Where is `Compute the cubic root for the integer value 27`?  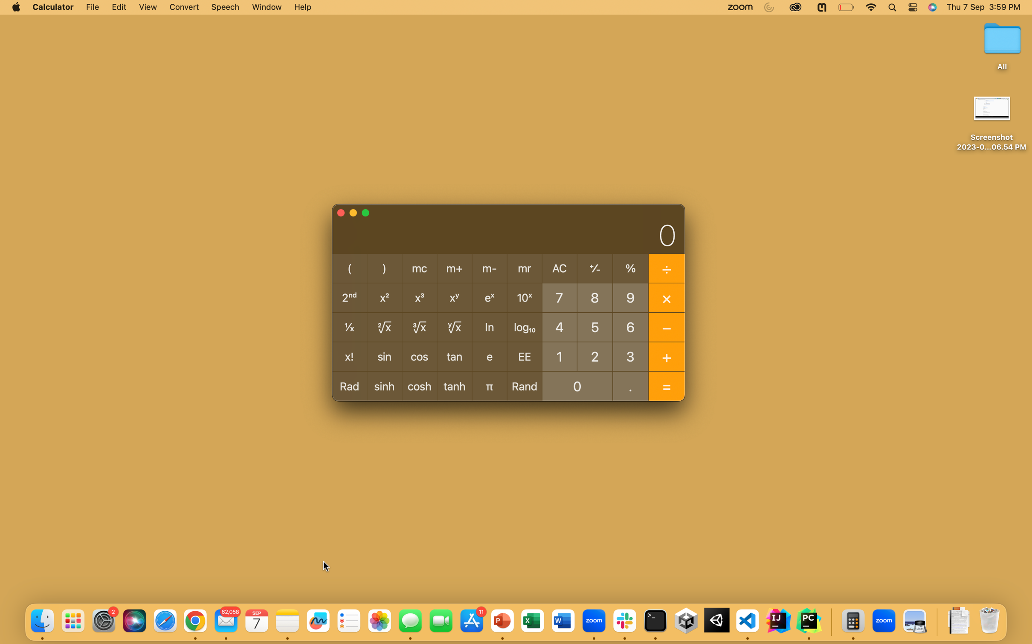
Compute the cubic root for the integer value 27 is located at coordinates (594, 355).